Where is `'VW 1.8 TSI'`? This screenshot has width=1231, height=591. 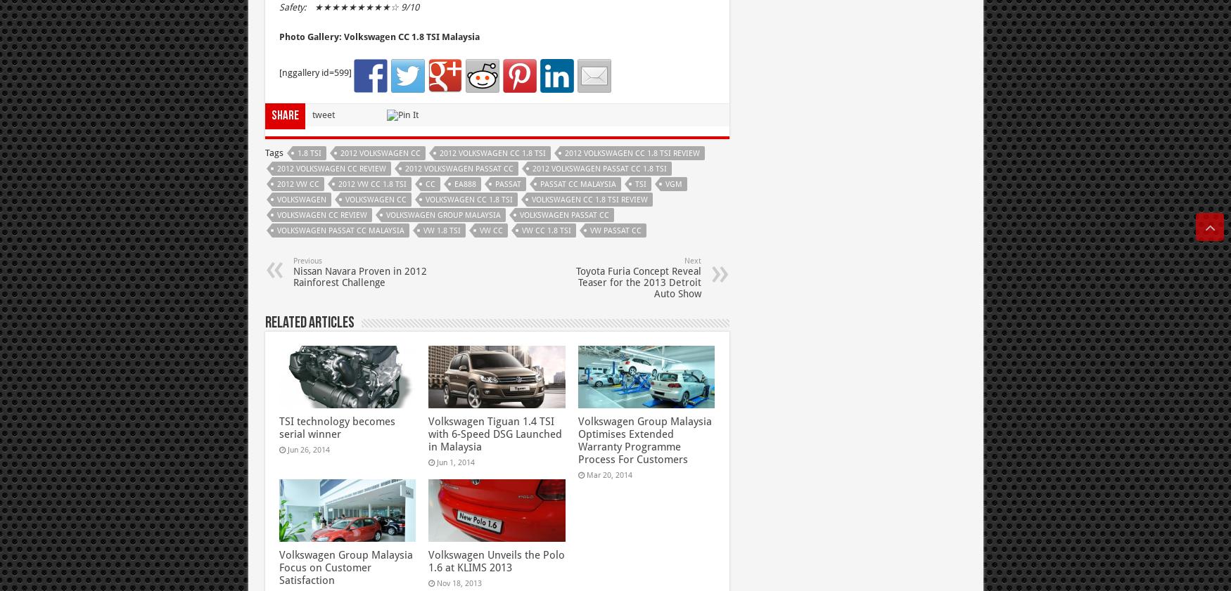 'VW 1.8 TSI' is located at coordinates (440, 229).